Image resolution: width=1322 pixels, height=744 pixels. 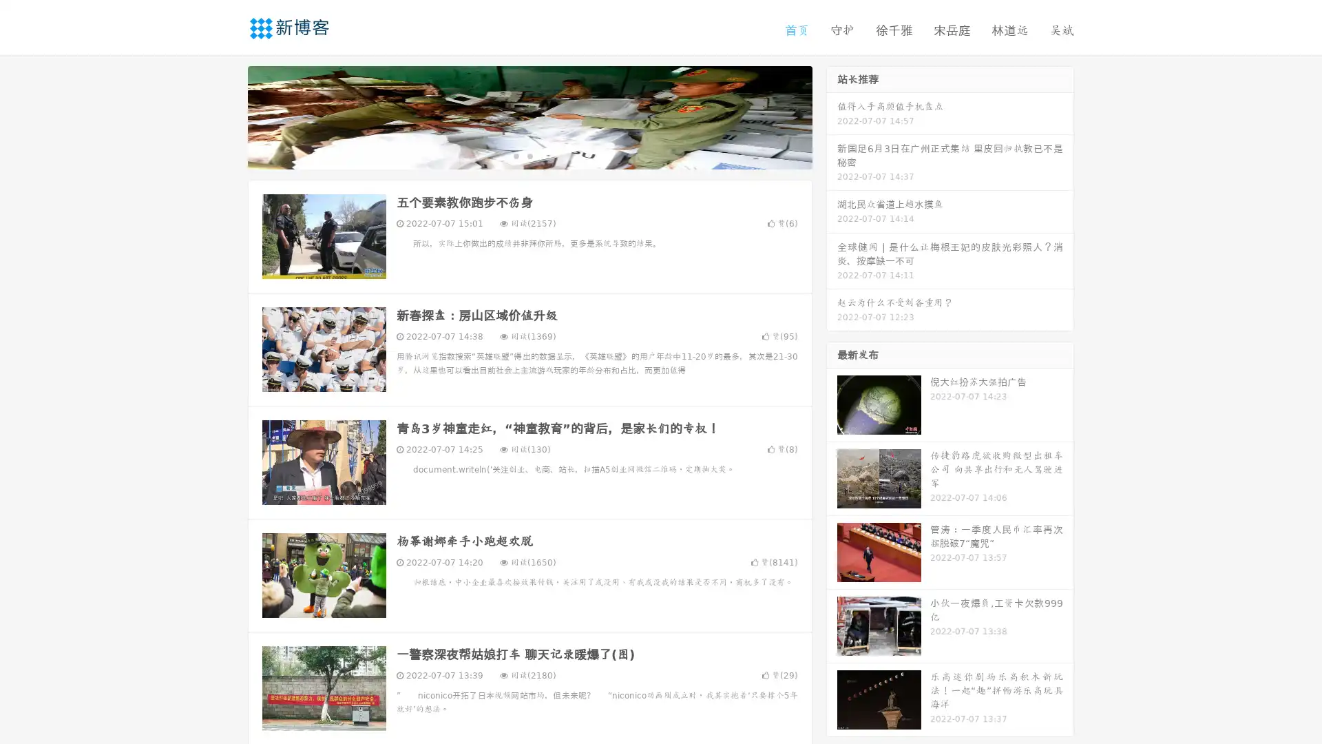 What do you see at coordinates (515, 155) in the screenshot?
I see `Go to slide 1` at bounding box center [515, 155].